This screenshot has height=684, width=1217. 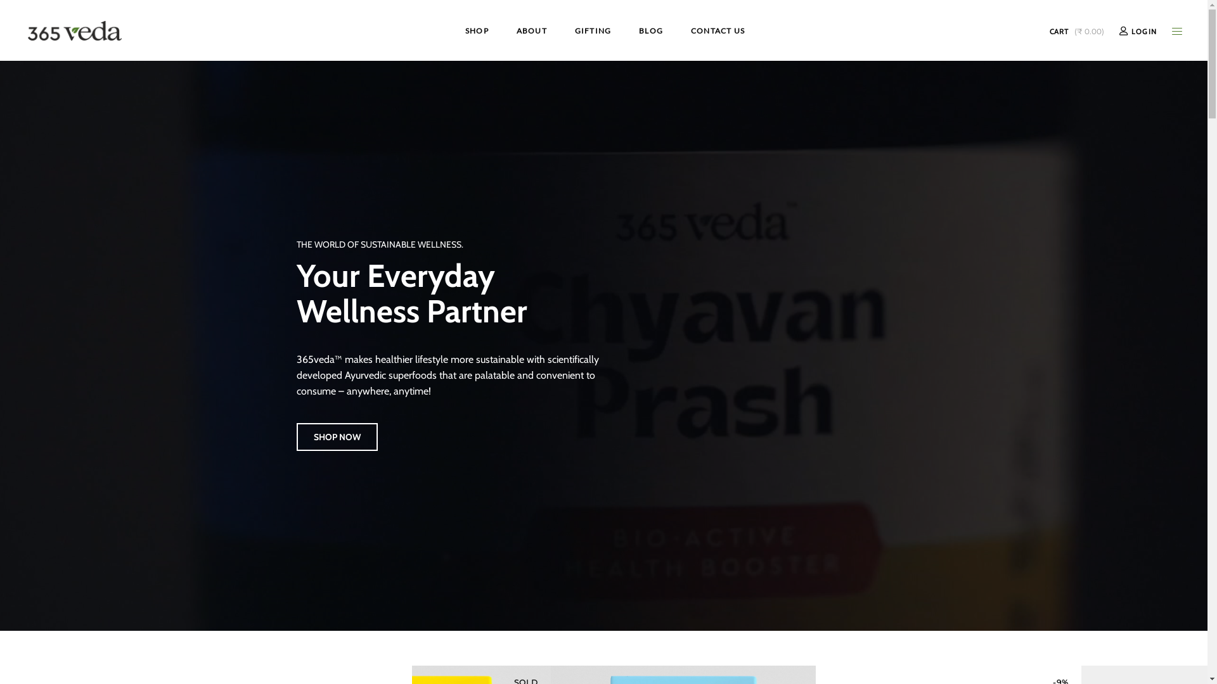 I want to click on 'BLOG', so click(x=624, y=29).